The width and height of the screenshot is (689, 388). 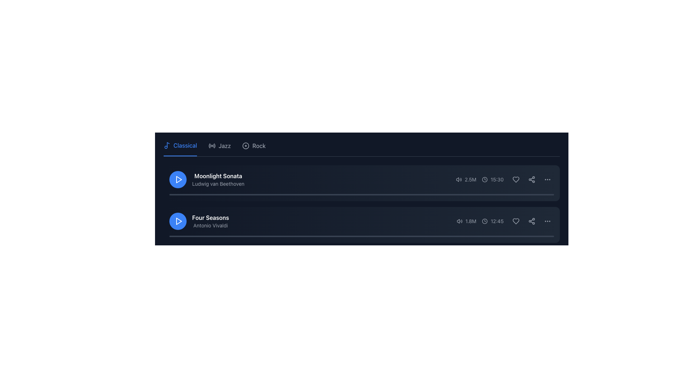 What do you see at coordinates (492, 221) in the screenshot?
I see `time value displayed by the clock icon and text labeled '12:45', located in the lower part of the interface adjacent to the listeners' count and left of the interactive icons` at bounding box center [492, 221].